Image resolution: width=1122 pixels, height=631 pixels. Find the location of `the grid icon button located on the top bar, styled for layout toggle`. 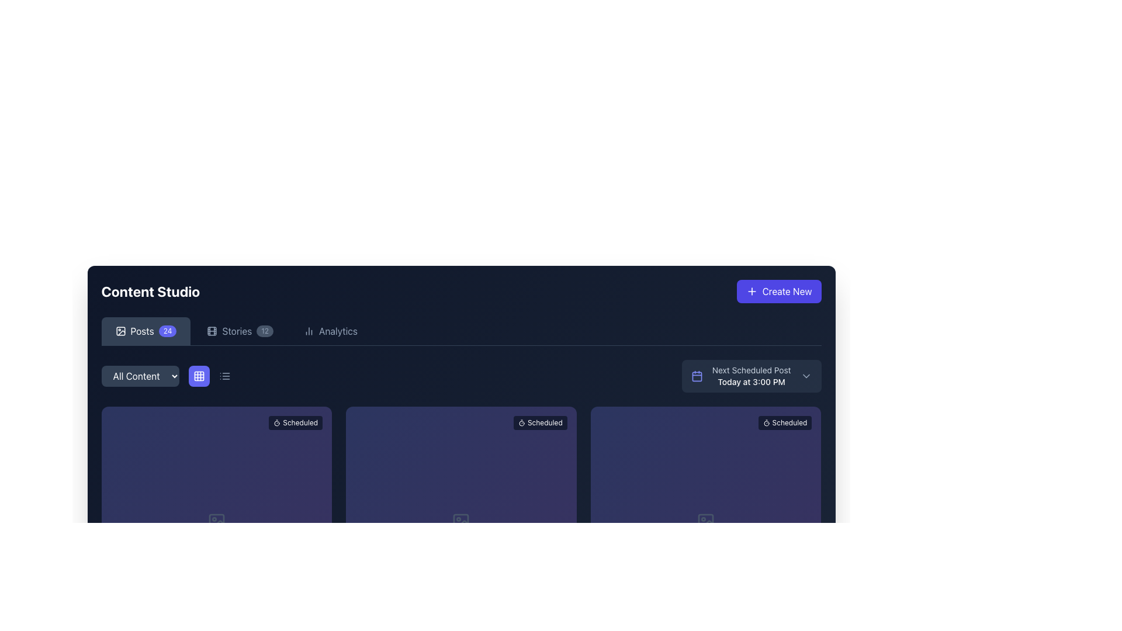

the grid icon button located on the top bar, styled for layout toggle is located at coordinates (199, 376).